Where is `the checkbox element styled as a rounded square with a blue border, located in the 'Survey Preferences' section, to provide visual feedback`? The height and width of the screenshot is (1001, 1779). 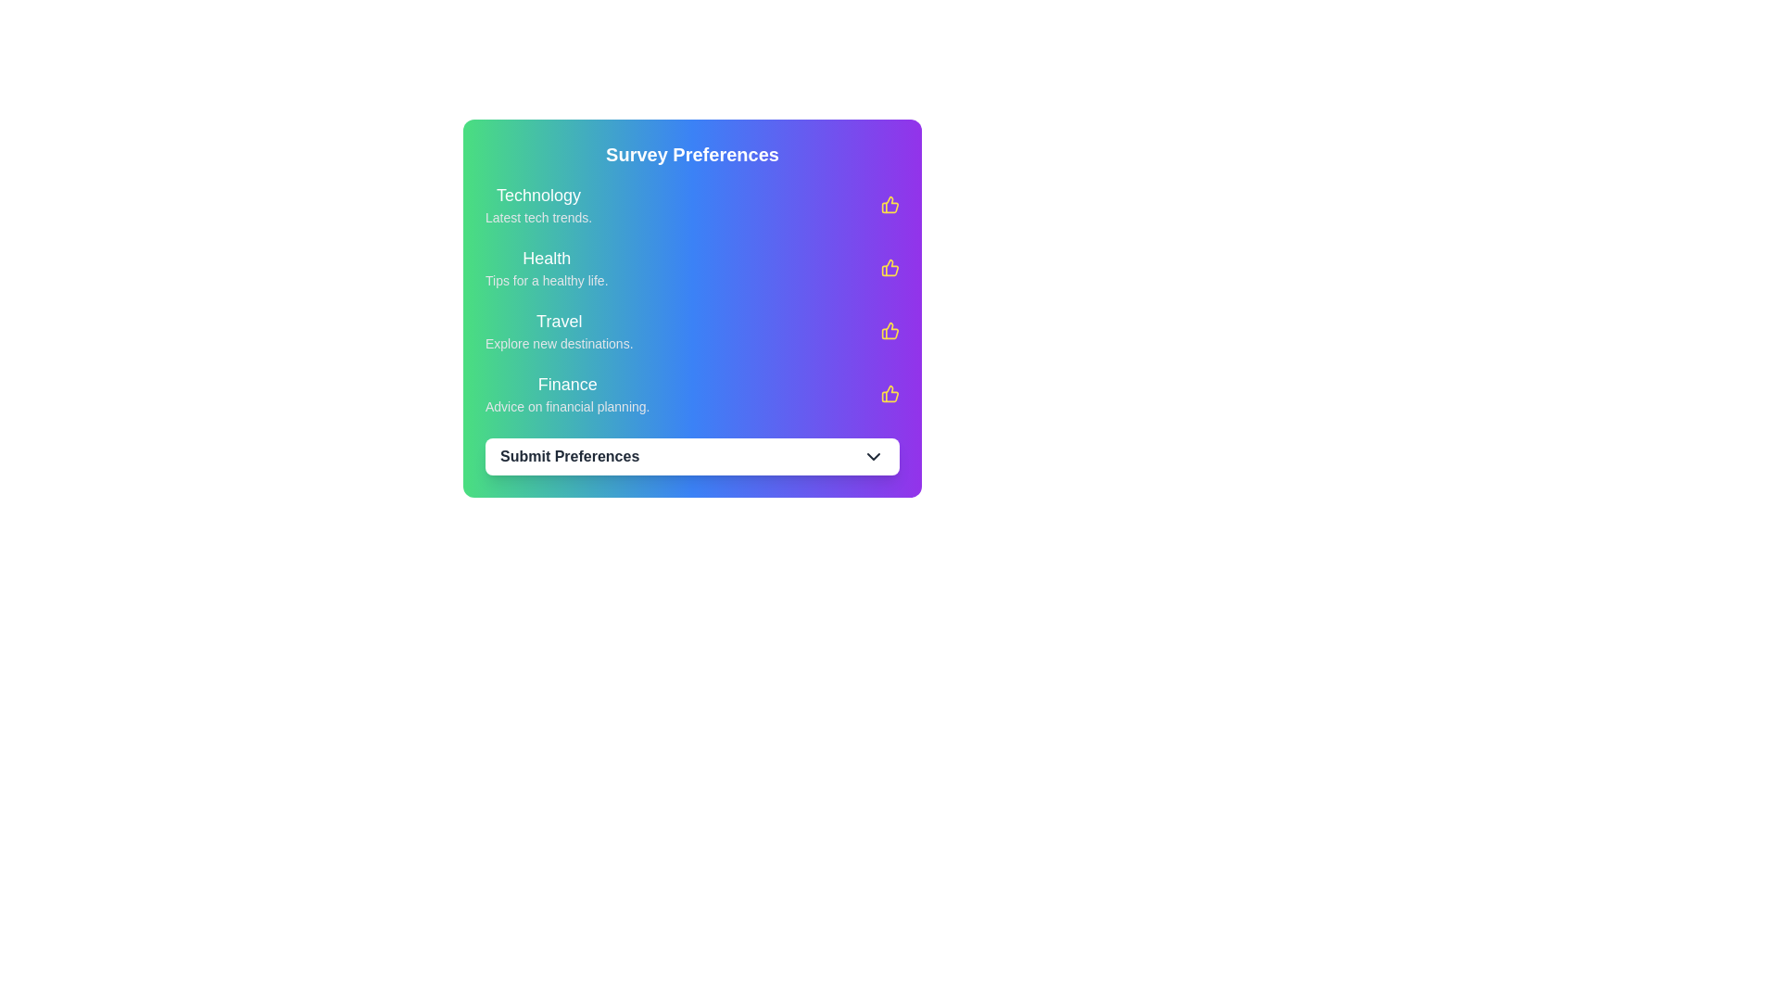
the checkbox element styled as a rounded square with a blue border, located in the 'Survey Preferences' section, to provide visual feedback is located at coordinates (860, 204).